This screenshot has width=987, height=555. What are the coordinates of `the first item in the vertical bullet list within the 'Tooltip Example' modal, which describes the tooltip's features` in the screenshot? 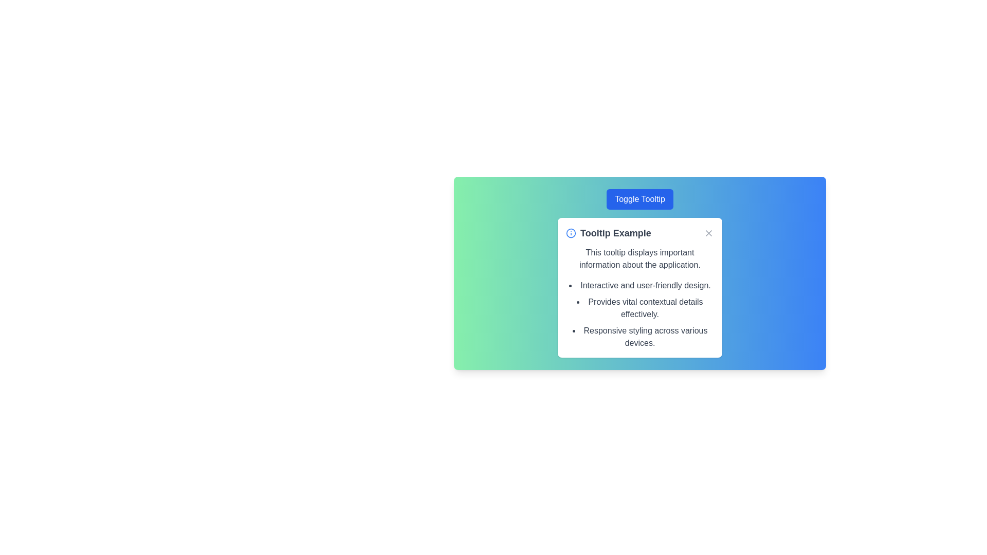 It's located at (639, 285).